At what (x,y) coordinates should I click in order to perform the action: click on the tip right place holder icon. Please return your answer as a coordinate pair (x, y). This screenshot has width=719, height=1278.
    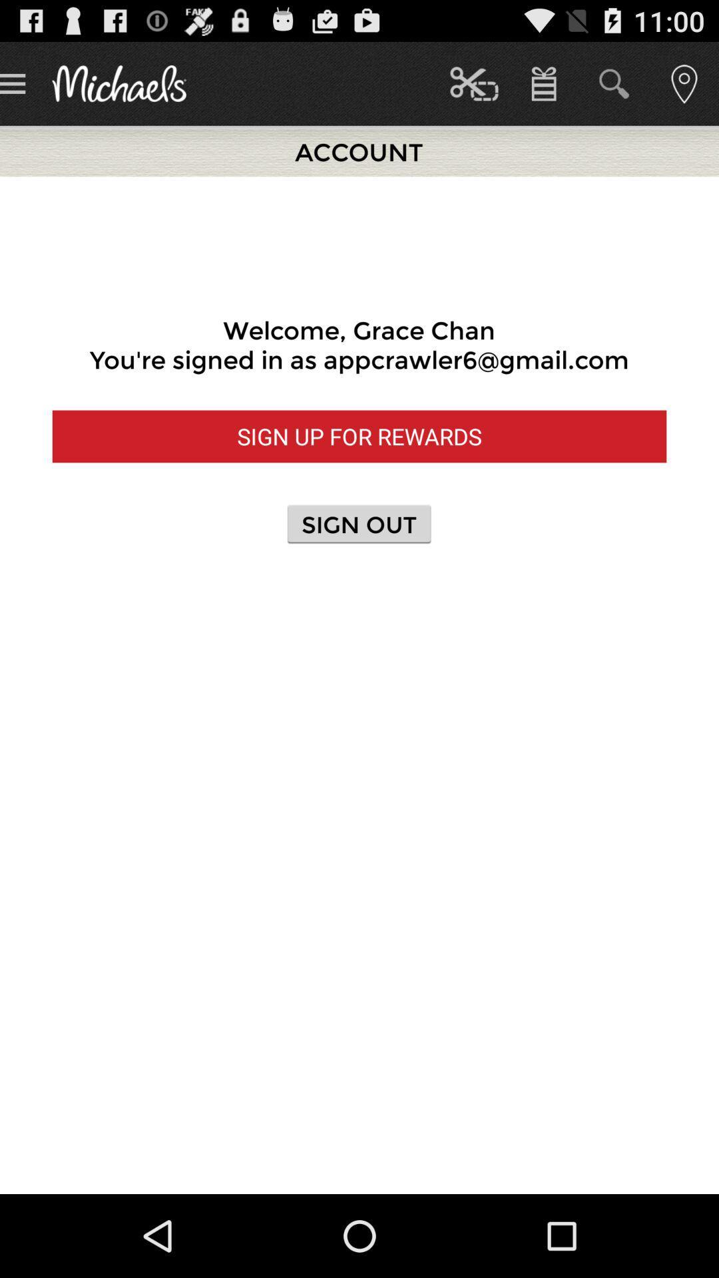
    Looking at the image, I should click on (684, 83).